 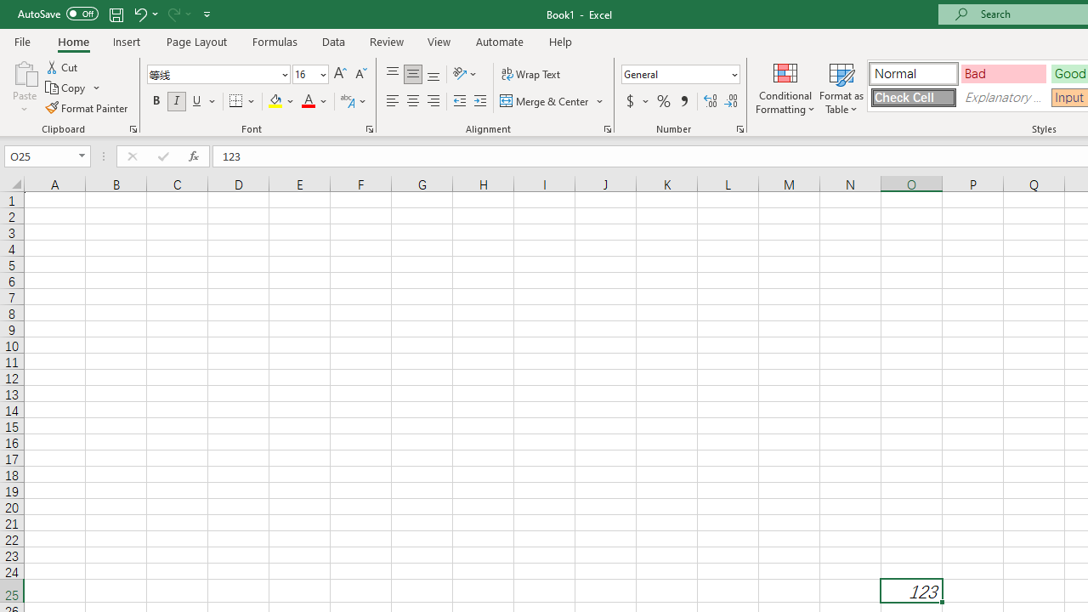 What do you see at coordinates (412, 73) in the screenshot?
I see `'Middle Align'` at bounding box center [412, 73].